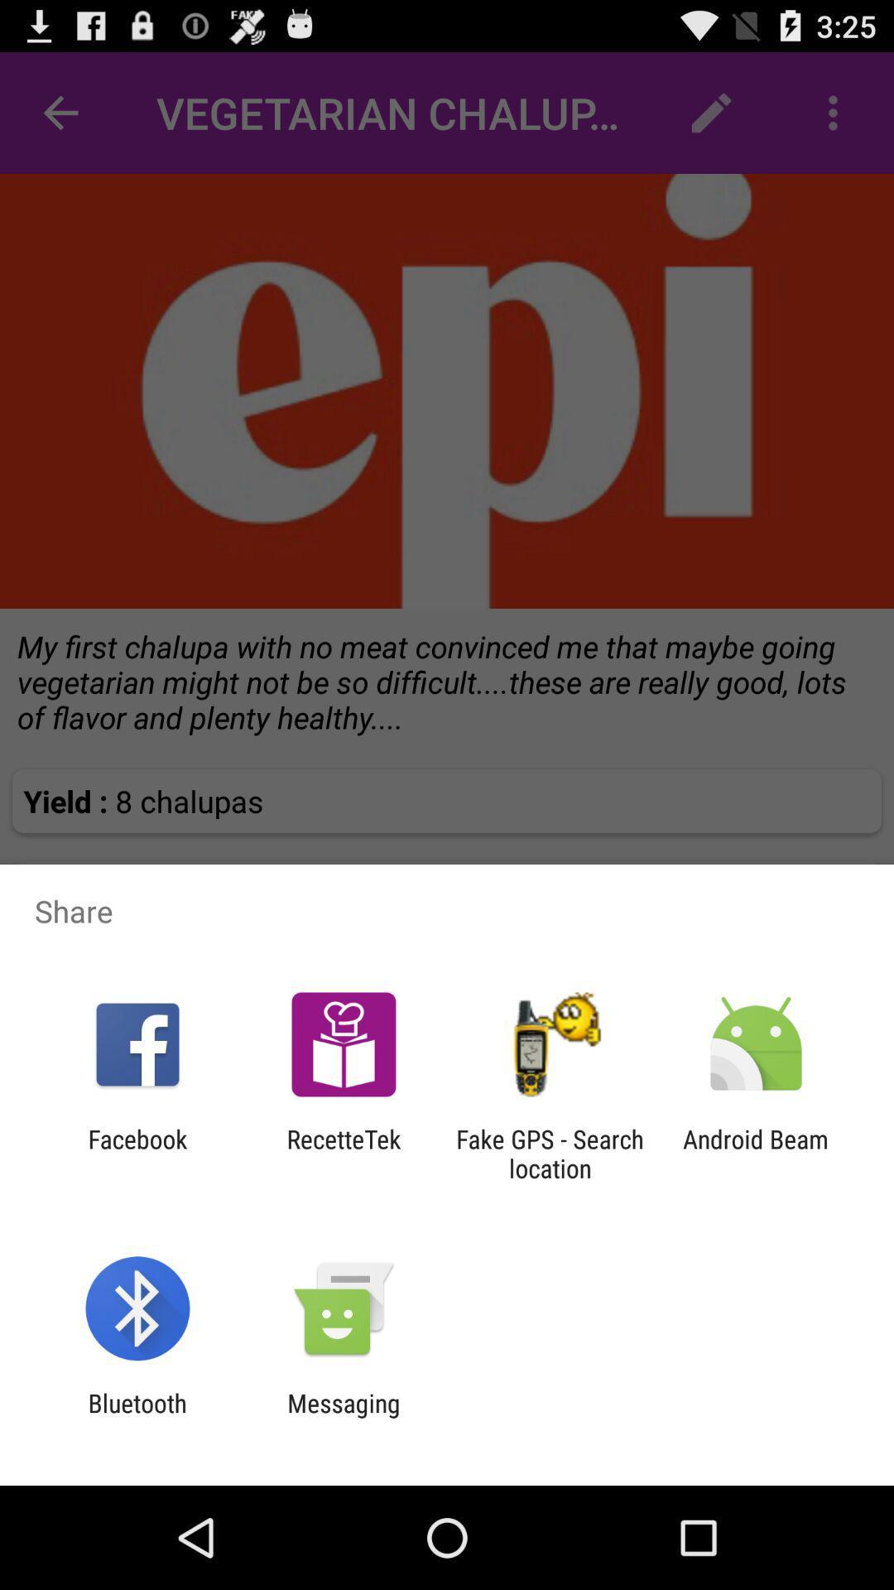 The width and height of the screenshot is (894, 1590). Describe the element at coordinates (343, 1417) in the screenshot. I see `messaging app` at that location.